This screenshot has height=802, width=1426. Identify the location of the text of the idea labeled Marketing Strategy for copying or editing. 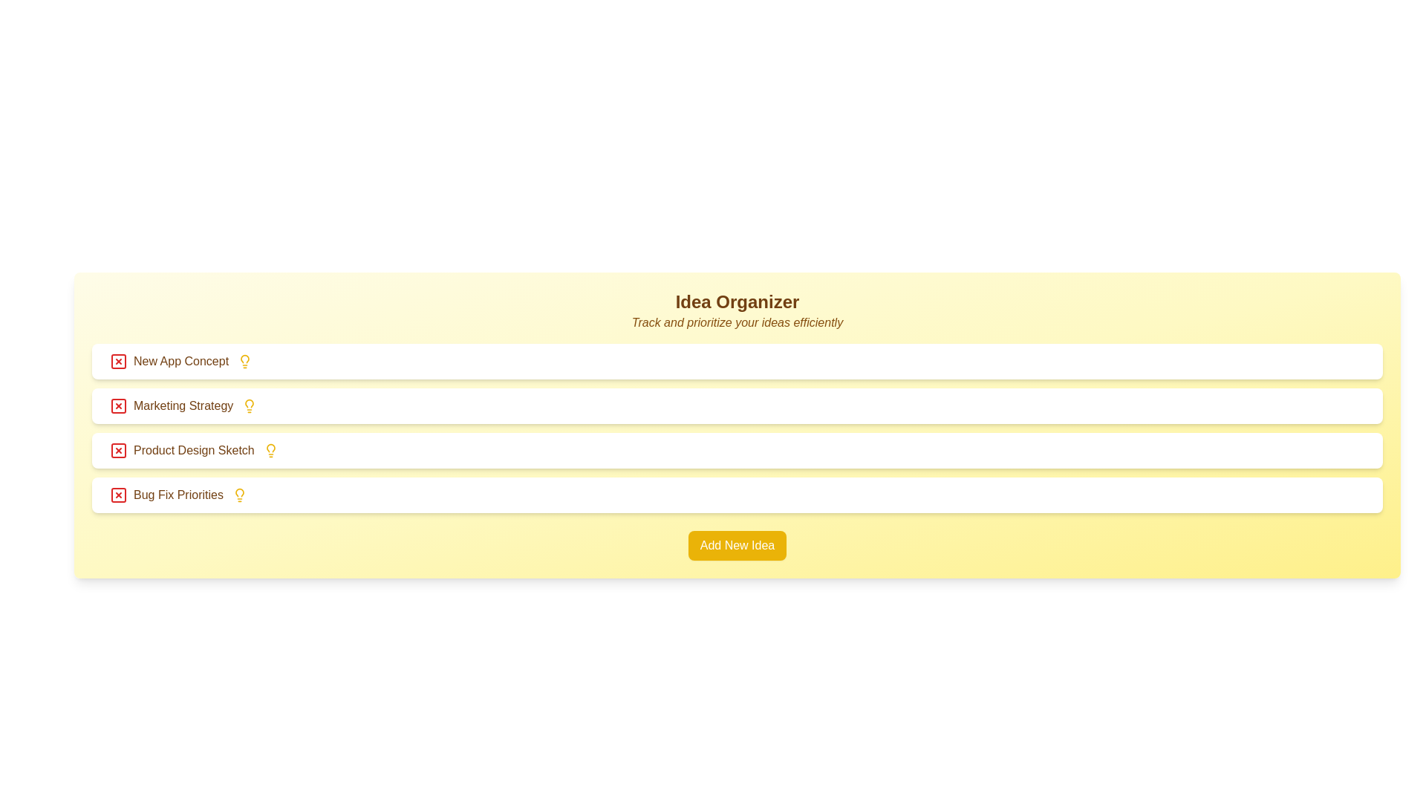
(171, 406).